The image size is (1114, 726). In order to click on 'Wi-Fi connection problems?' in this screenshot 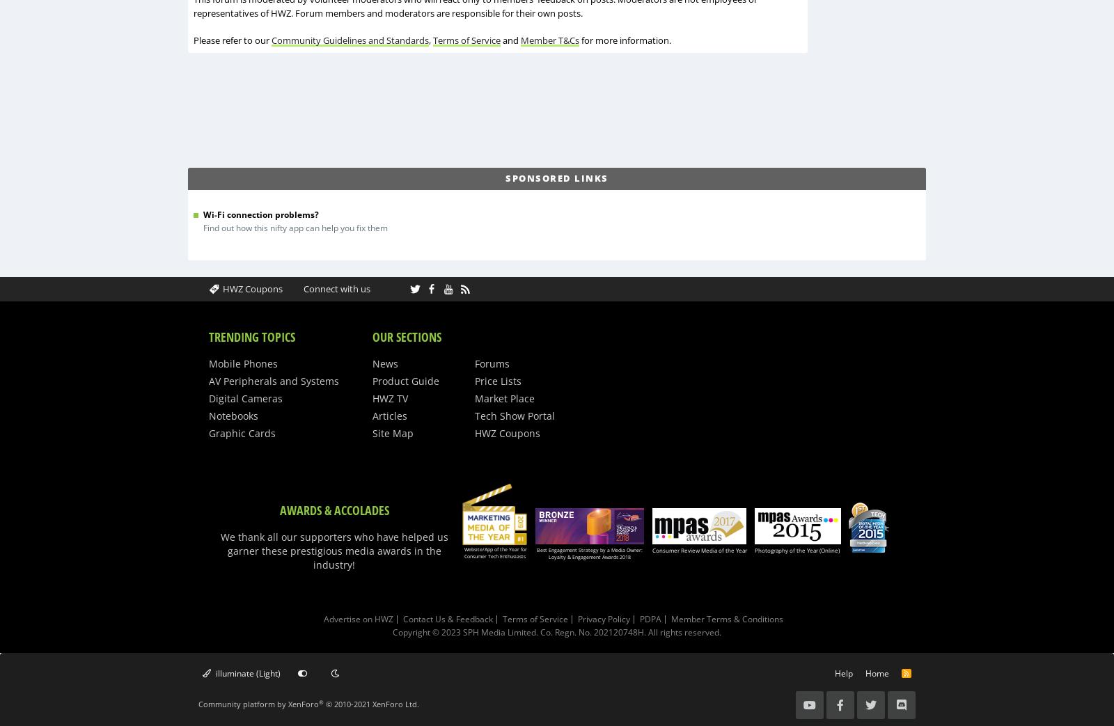, I will do `click(261, 213)`.